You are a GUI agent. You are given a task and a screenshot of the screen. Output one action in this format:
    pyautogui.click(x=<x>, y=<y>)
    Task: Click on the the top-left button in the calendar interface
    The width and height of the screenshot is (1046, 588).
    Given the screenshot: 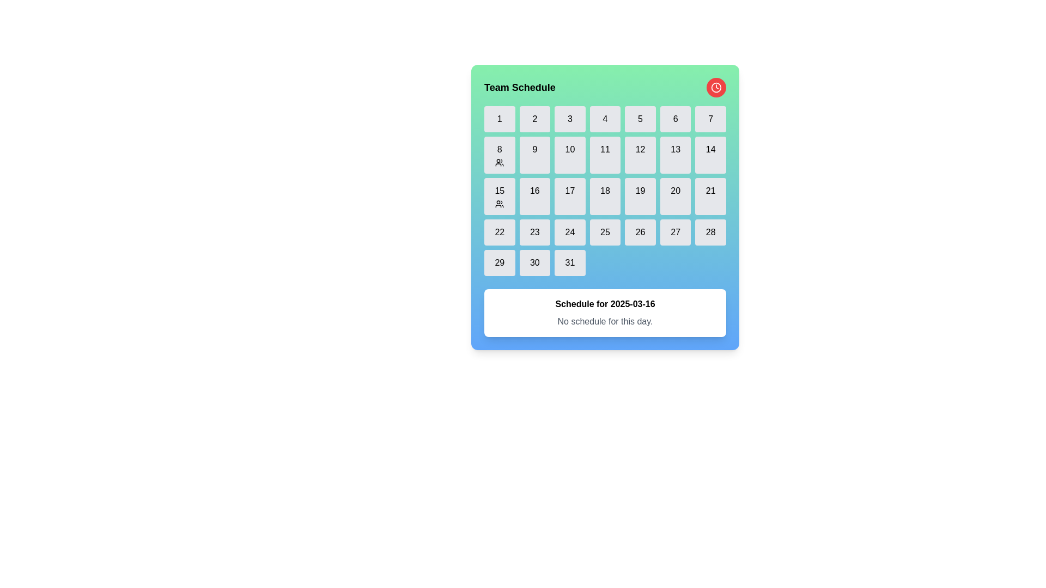 What is the action you would take?
    pyautogui.click(x=498, y=119)
    